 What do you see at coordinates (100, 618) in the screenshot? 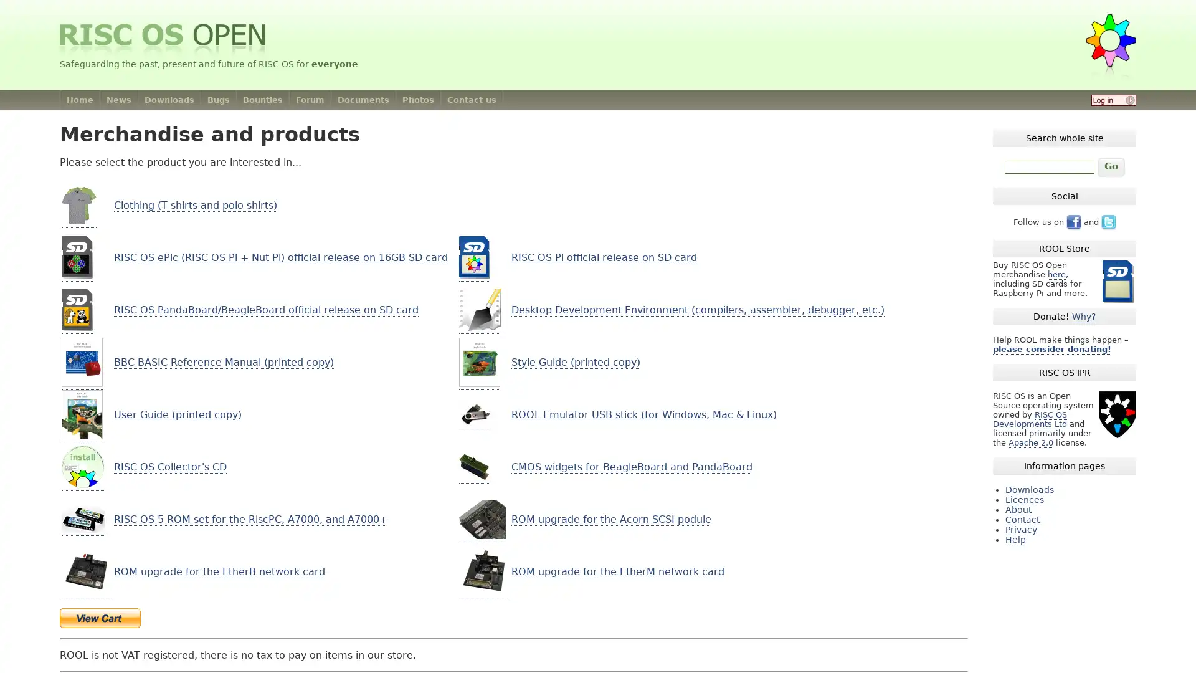
I see `Make payments with PayPal - it's fast, free and secure!` at bounding box center [100, 618].